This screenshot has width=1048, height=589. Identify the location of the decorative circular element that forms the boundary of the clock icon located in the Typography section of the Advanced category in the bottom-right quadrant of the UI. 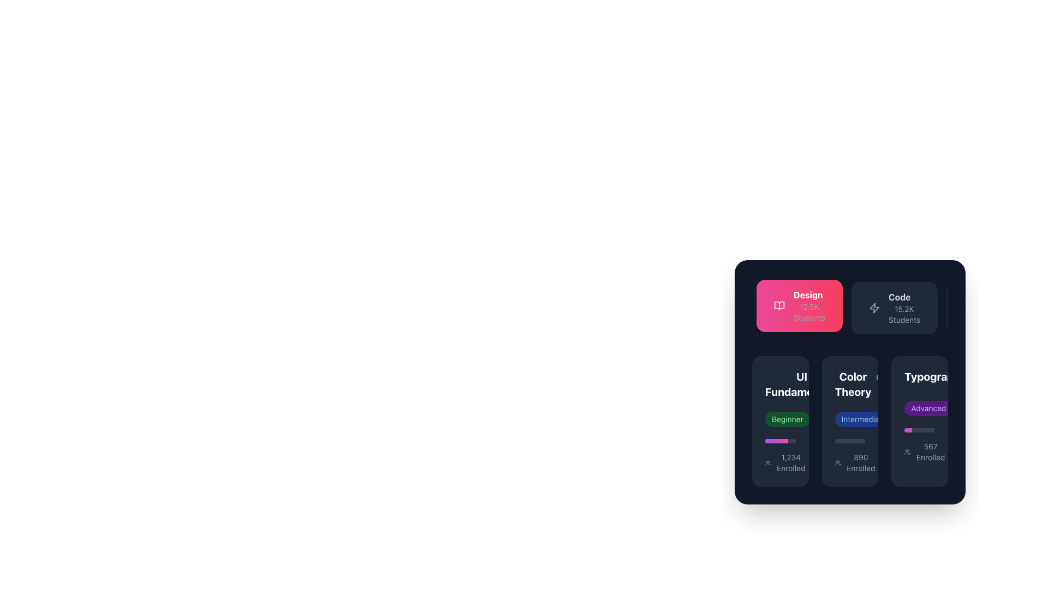
(904, 418).